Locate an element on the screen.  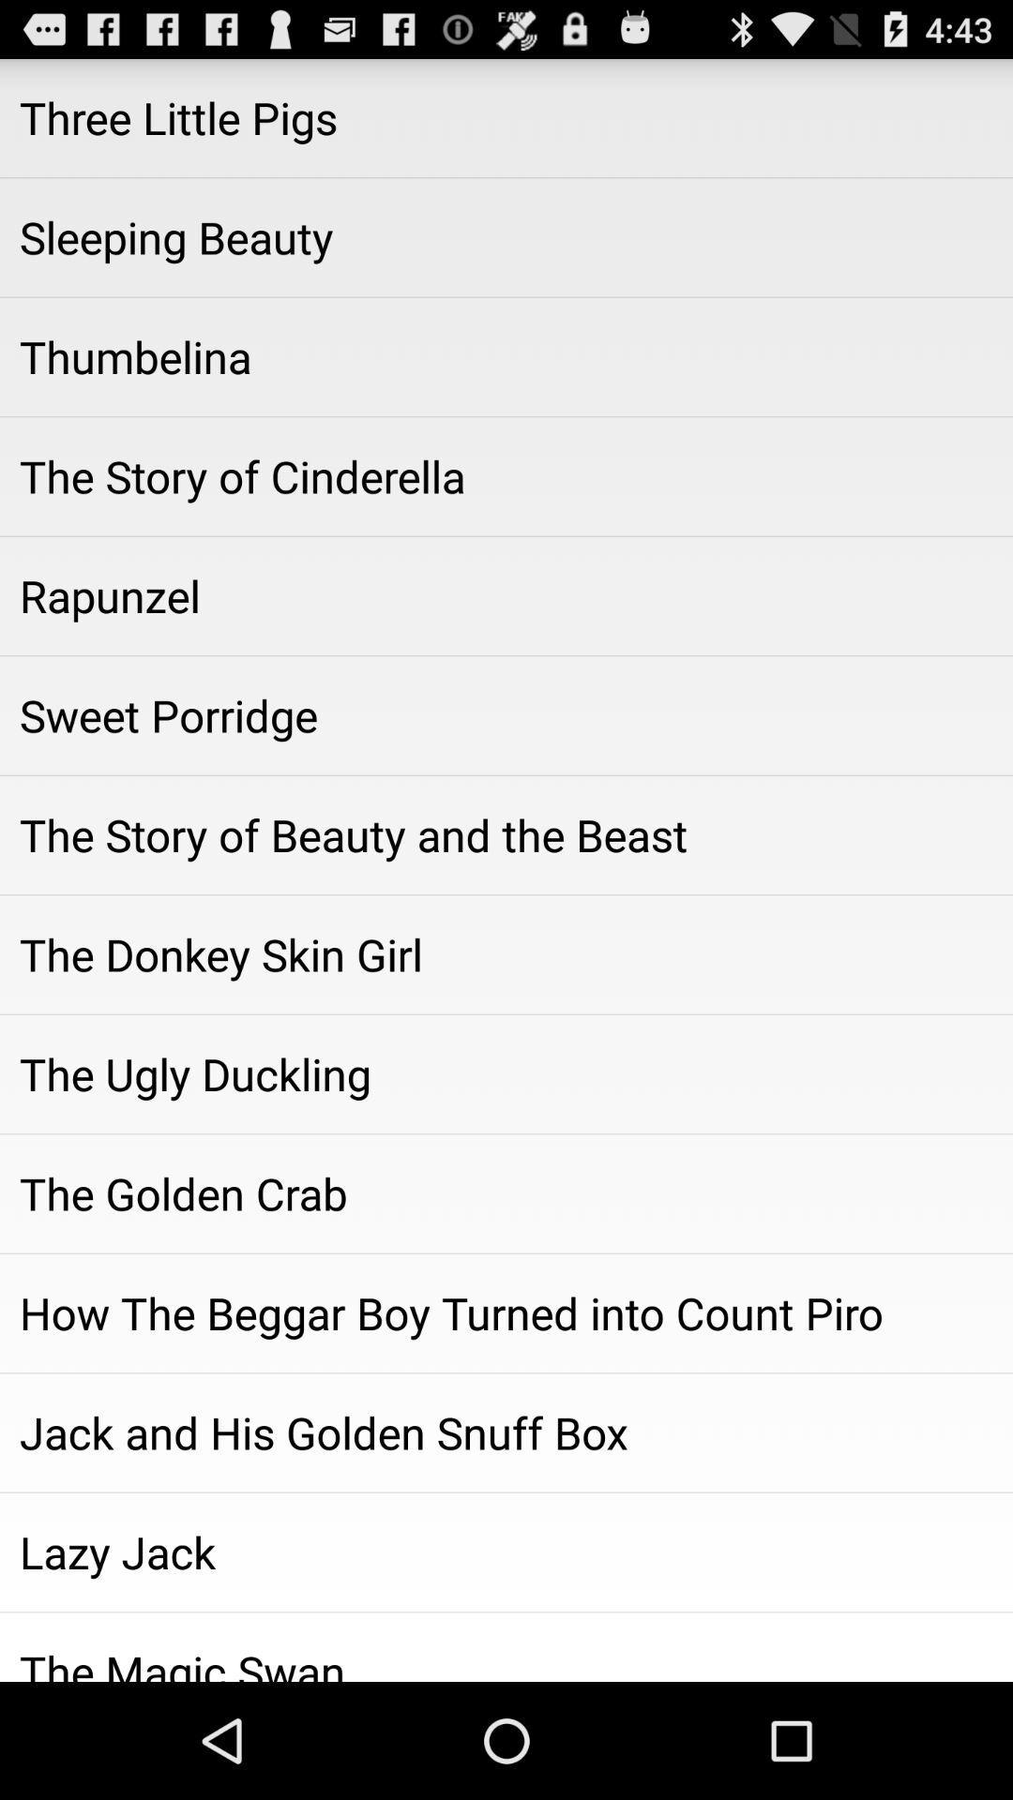
app above lazy jack is located at coordinates (506, 1432).